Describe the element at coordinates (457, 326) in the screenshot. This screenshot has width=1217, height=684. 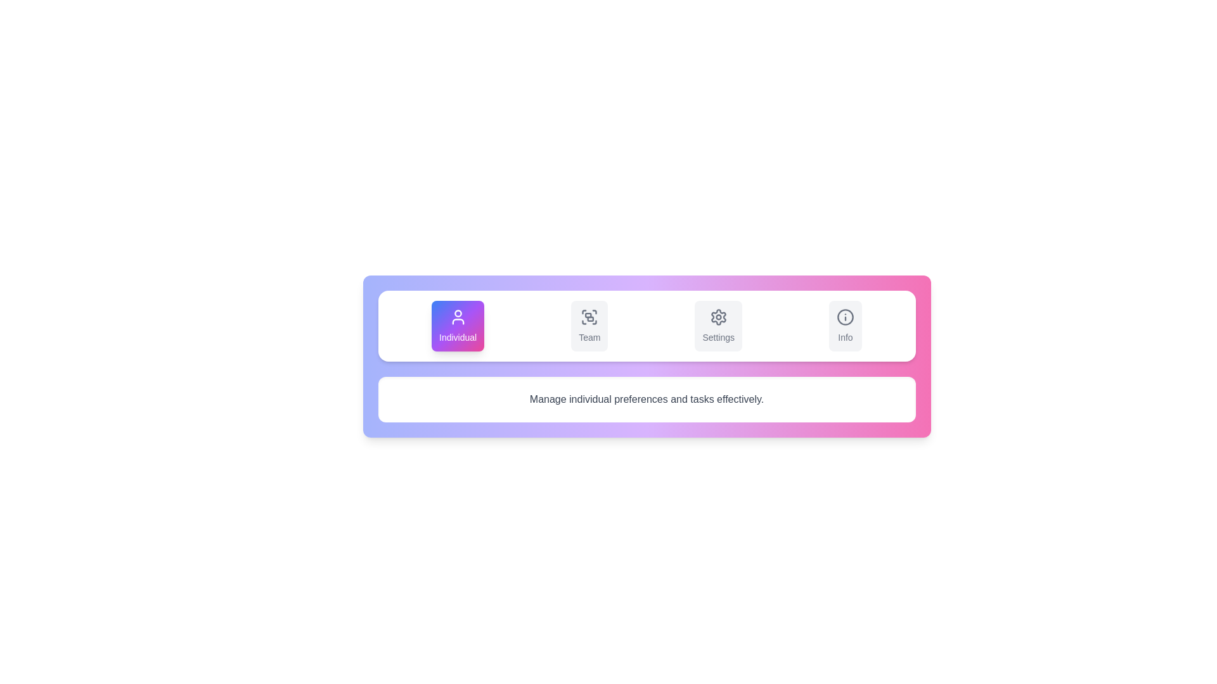
I see `the first button labeled 'Individual', which is a rectangular button with rounded corners and a gradient background transitioning from blue to pink through purple` at that location.